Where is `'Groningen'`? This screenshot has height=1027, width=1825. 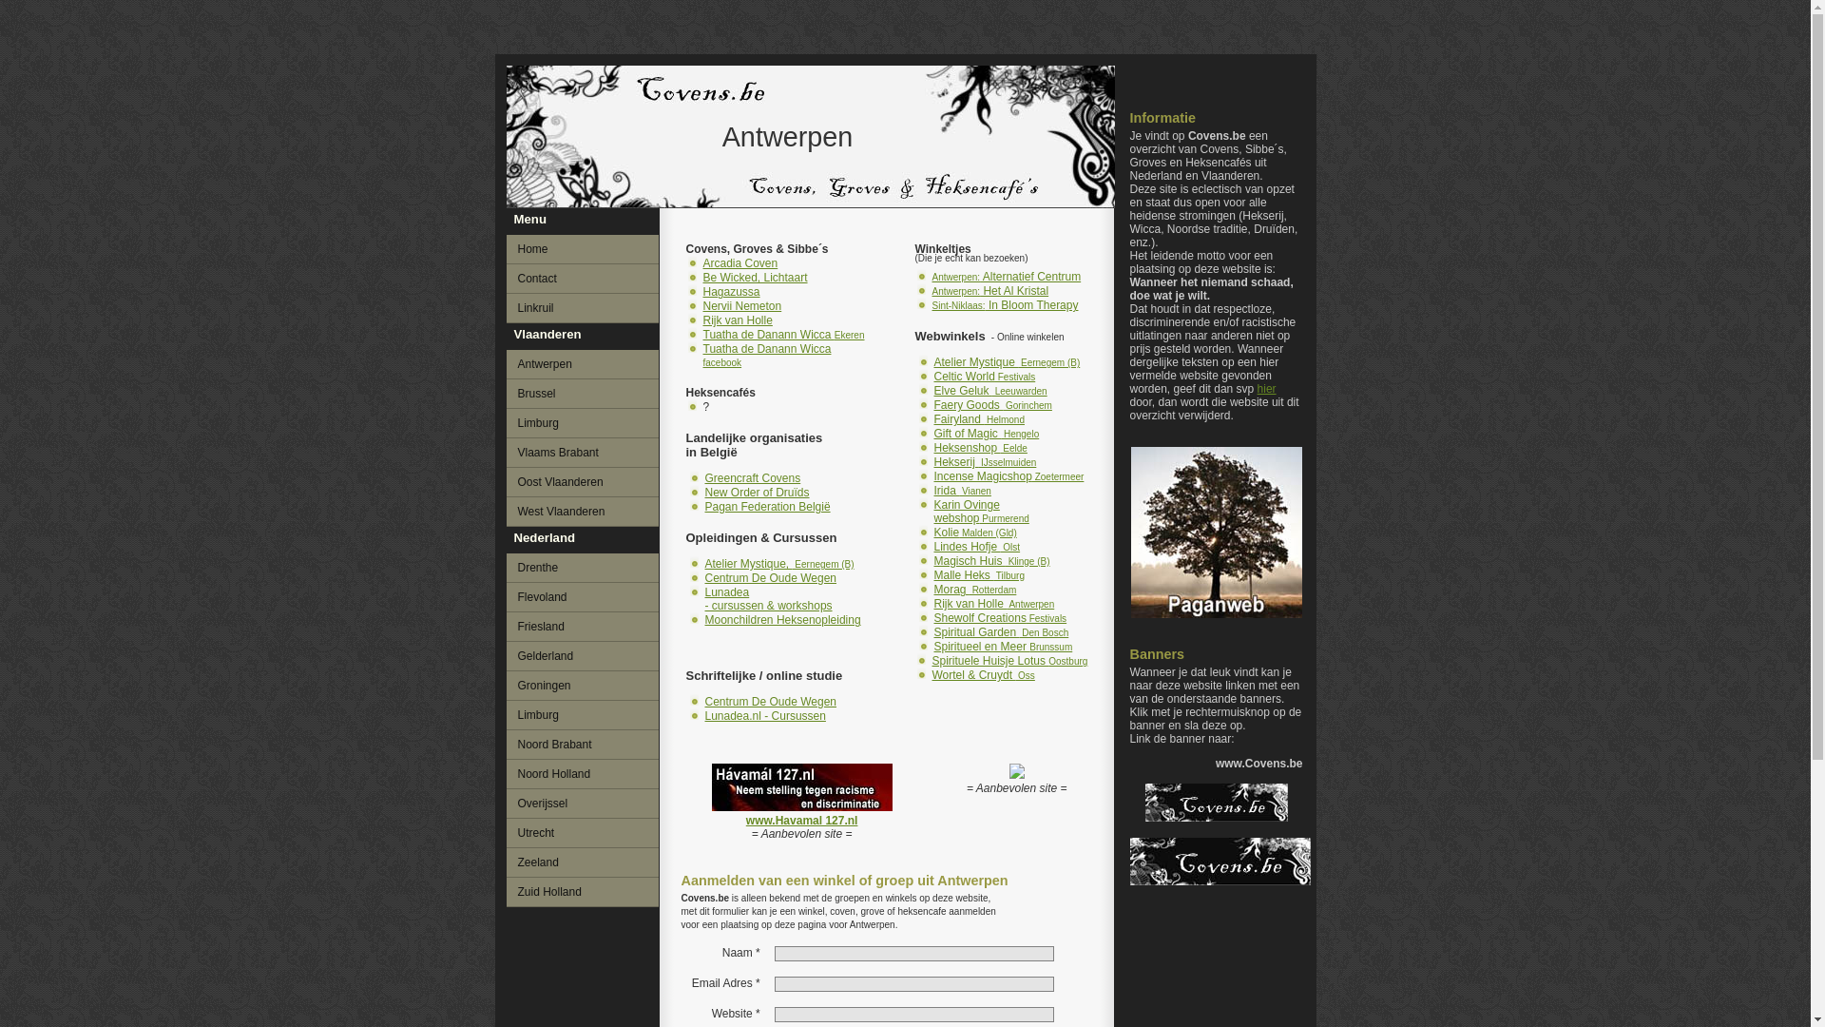 'Groningen' is located at coordinates (580, 686).